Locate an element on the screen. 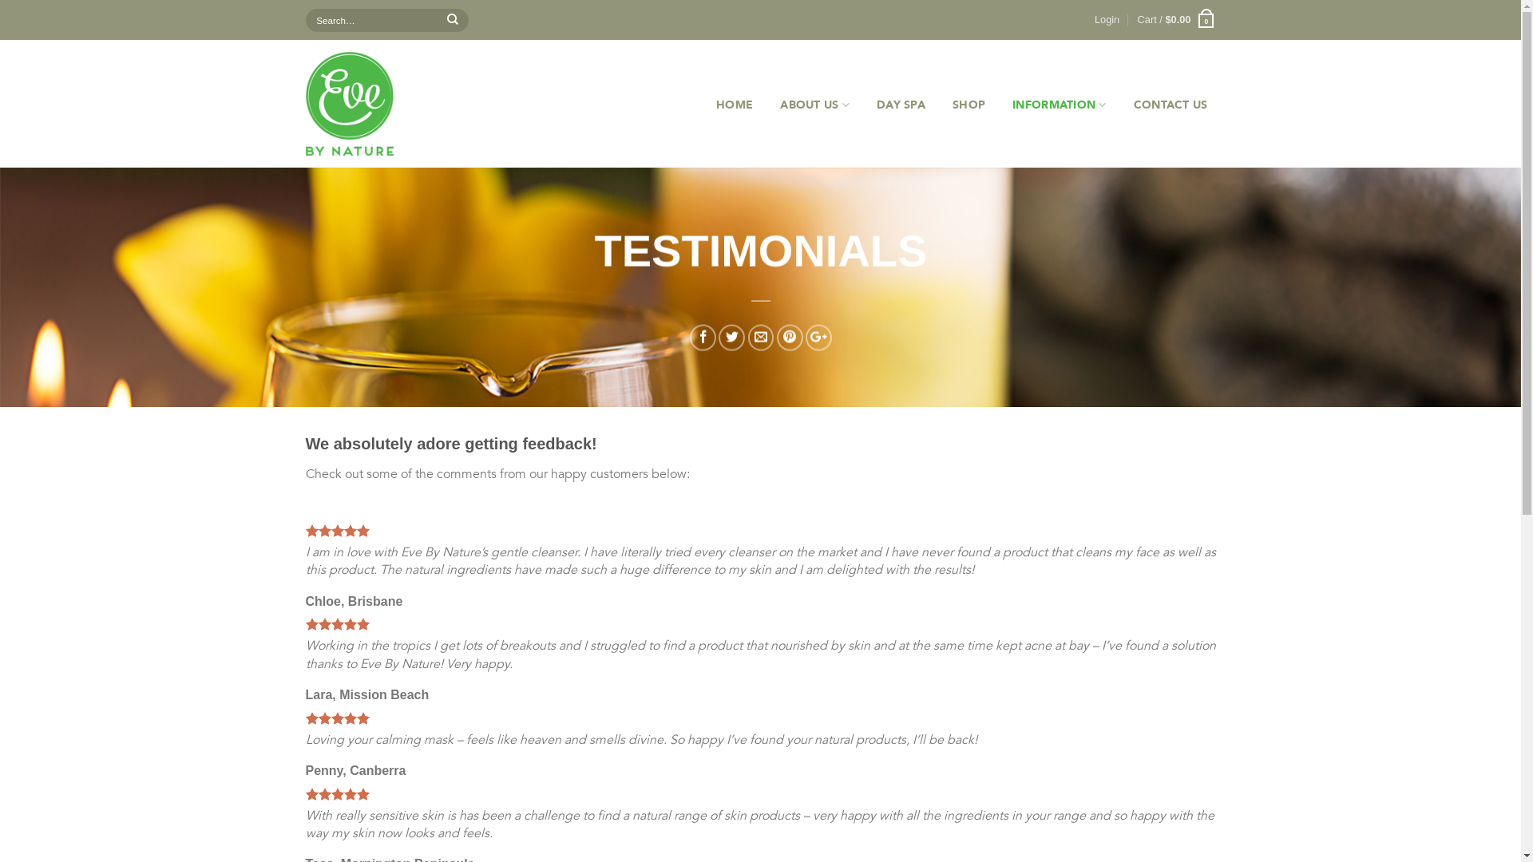 Image resolution: width=1533 pixels, height=862 pixels. 'INFORMATION' is located at coordinates (1059, 105).